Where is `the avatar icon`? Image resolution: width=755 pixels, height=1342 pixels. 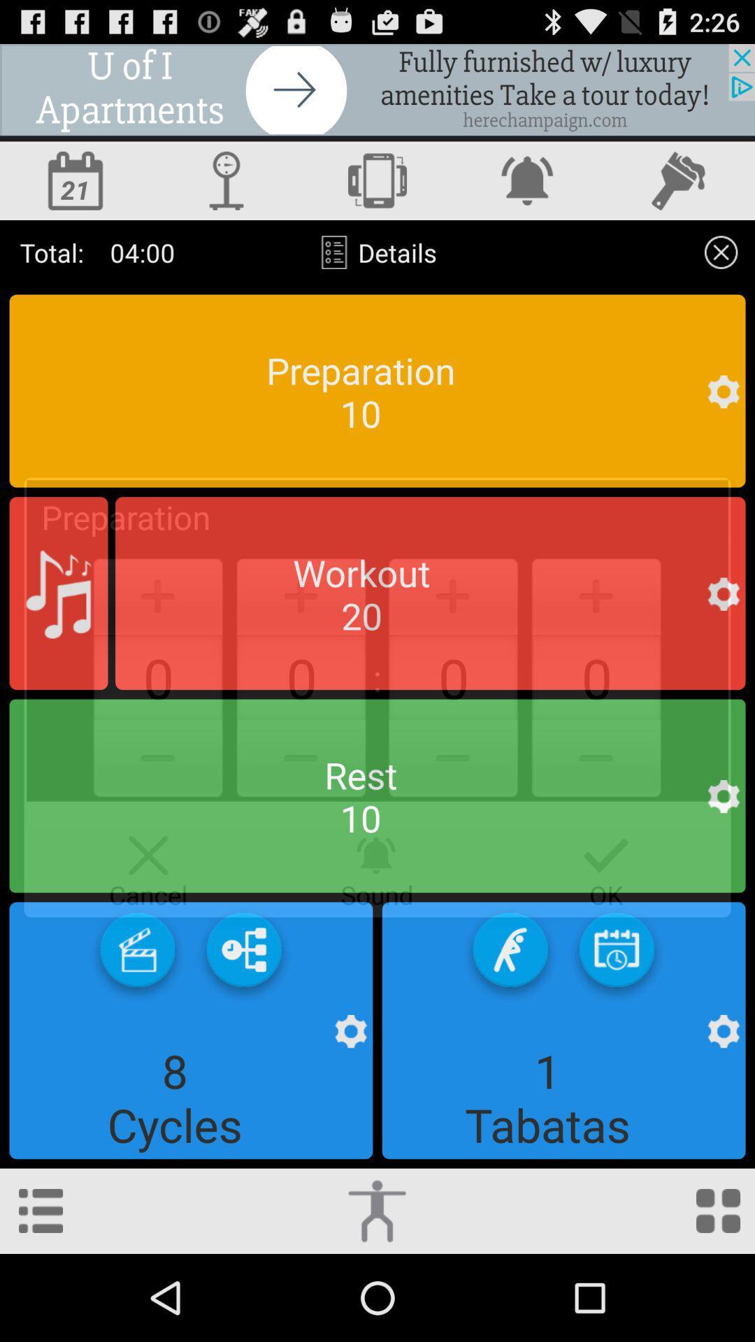
the avatar icon is located at coordinates (226, 192).